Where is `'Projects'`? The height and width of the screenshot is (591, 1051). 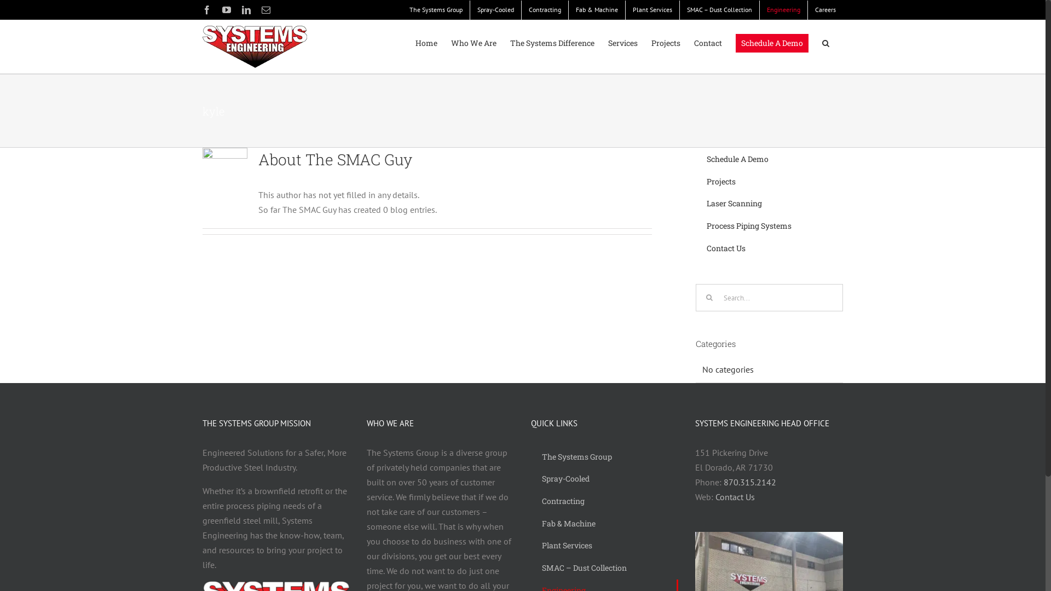
'Projects' is located at coordinates (651, 42).